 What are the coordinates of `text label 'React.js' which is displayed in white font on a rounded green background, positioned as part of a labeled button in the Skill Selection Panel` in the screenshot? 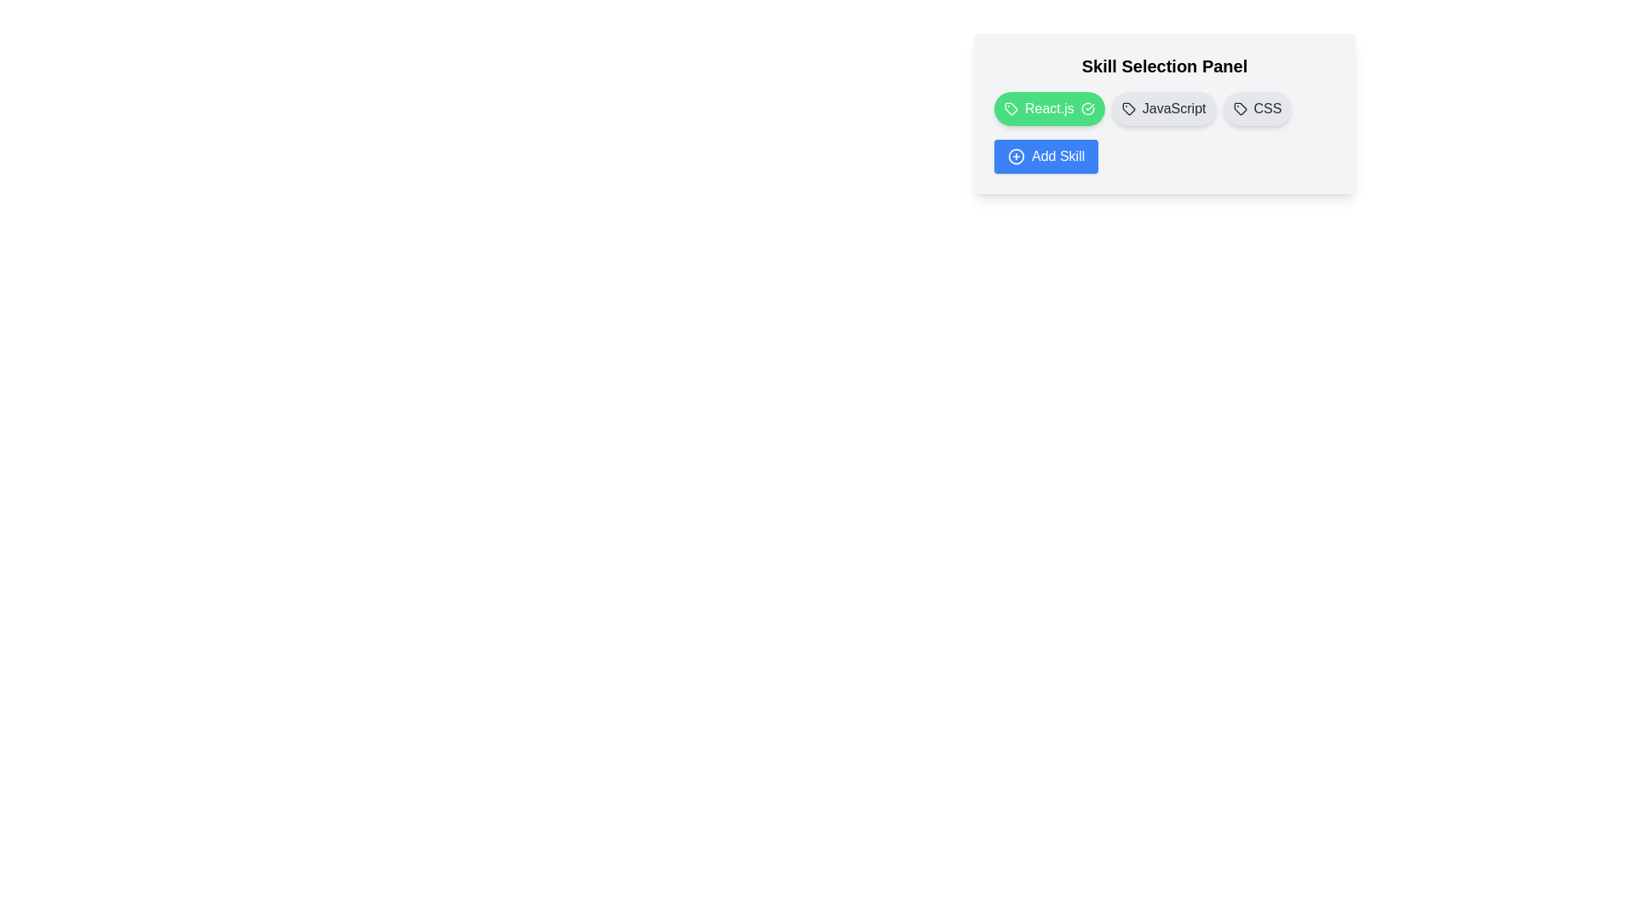 It's located at (1048, 108).